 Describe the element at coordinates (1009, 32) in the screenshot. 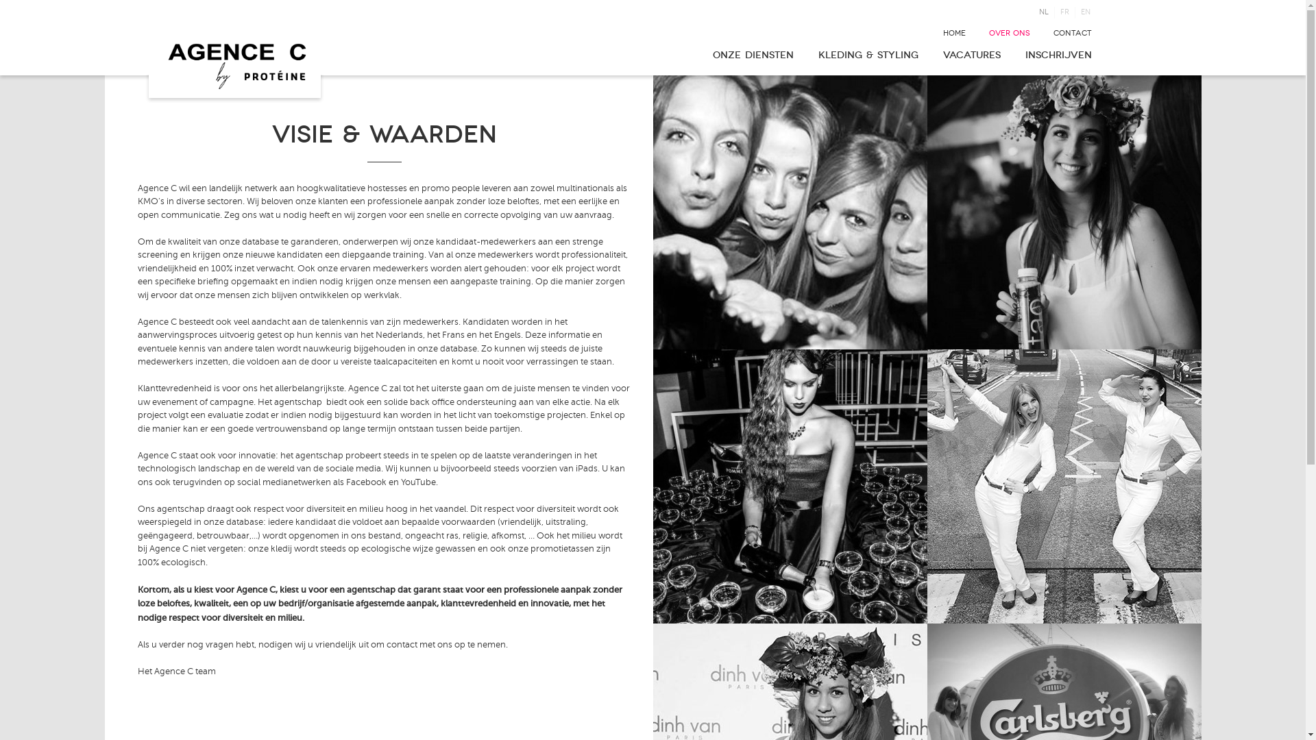

I see `'OVER ONS'` at that location.